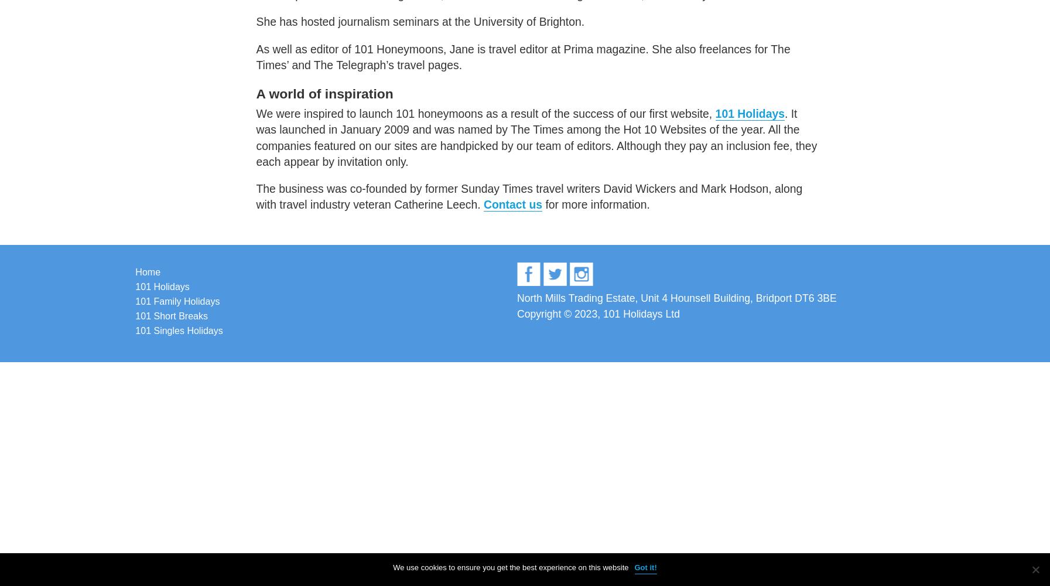  Describe the element at coordinates (509, 567) in the screenshot. I see `'We use cookies to ensure you get the best experience on this website'` at that location.